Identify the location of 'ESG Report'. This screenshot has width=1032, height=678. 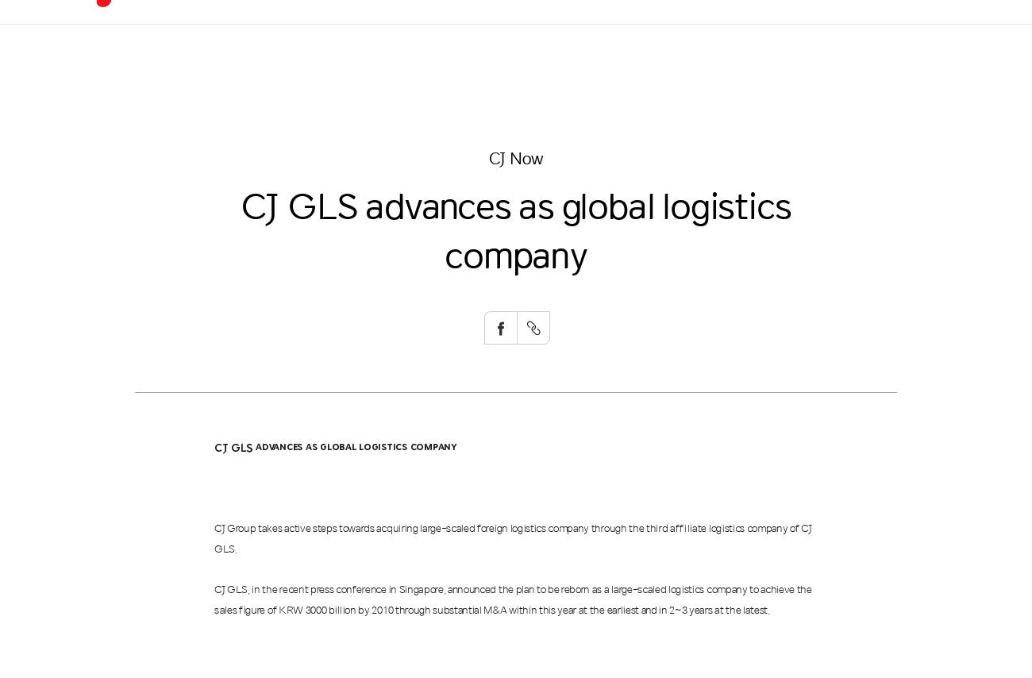
(528, 154).